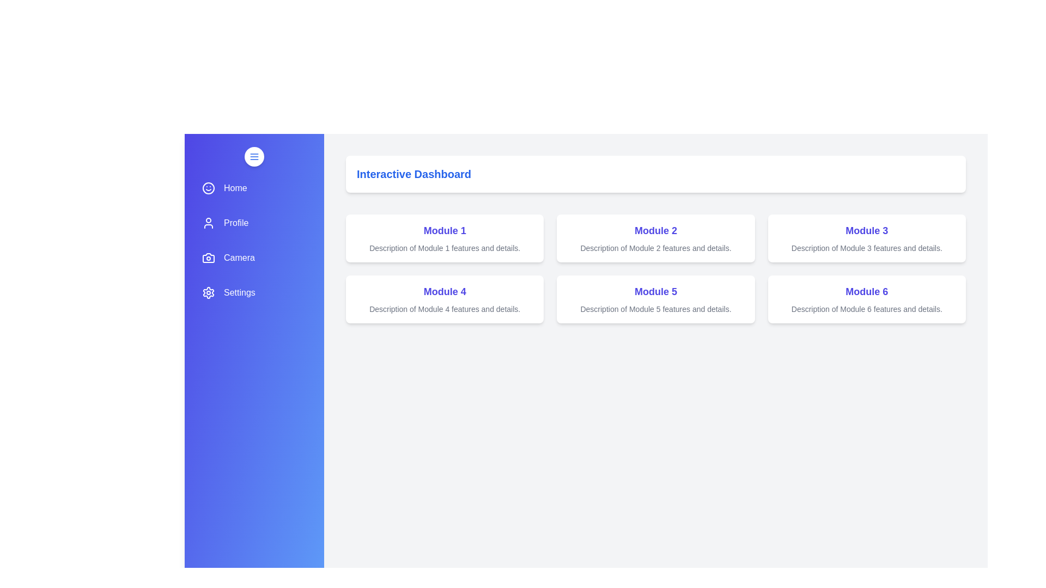 This screenshot has height=588, width=1046. I want to click on the active settings icon, which is a blue gear symbol located in the navigation menu, positioned to the left of the 'Settings' text, so click(209, 292).